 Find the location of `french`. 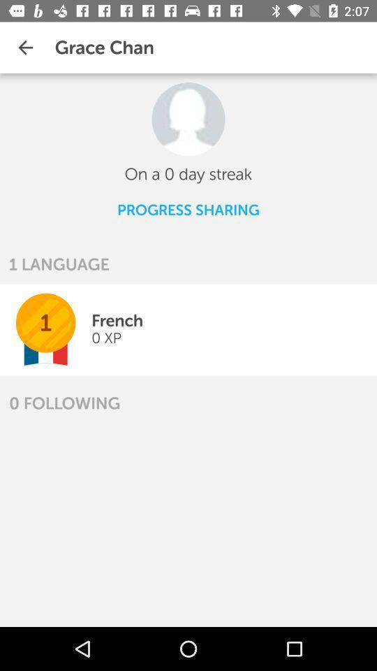

french is located at coordinates (117, 320).